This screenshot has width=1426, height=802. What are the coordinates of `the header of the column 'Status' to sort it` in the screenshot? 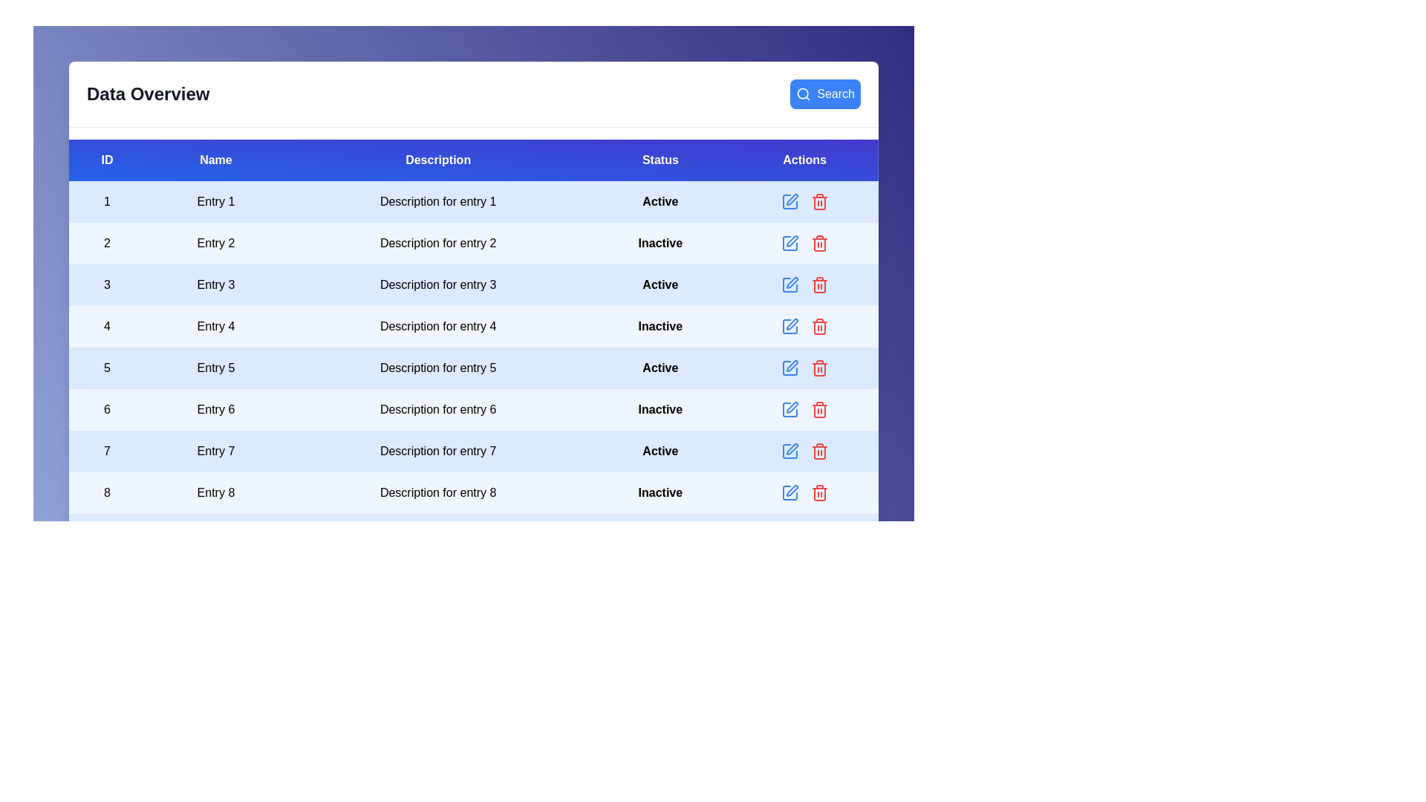 It's located at (659, 160).